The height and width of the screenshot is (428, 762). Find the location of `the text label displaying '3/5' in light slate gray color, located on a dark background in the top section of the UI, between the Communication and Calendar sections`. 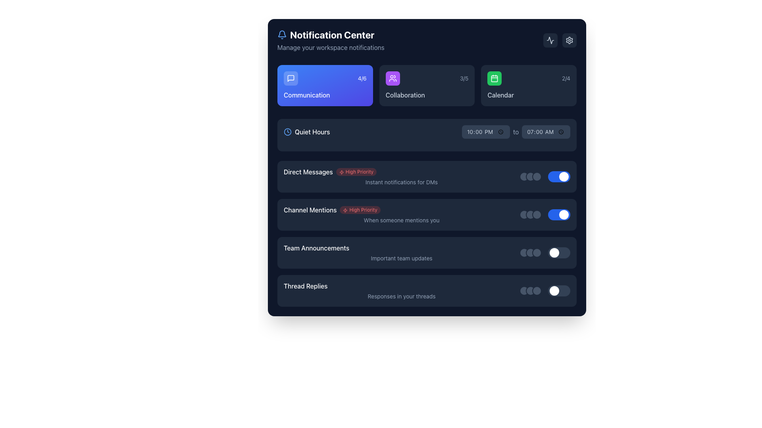

the text label displaying '3/5' in light slate gray color, located on a dark background in the top section of the UI, between the Communication and Calendar sections is located at coordinates (464, 78).